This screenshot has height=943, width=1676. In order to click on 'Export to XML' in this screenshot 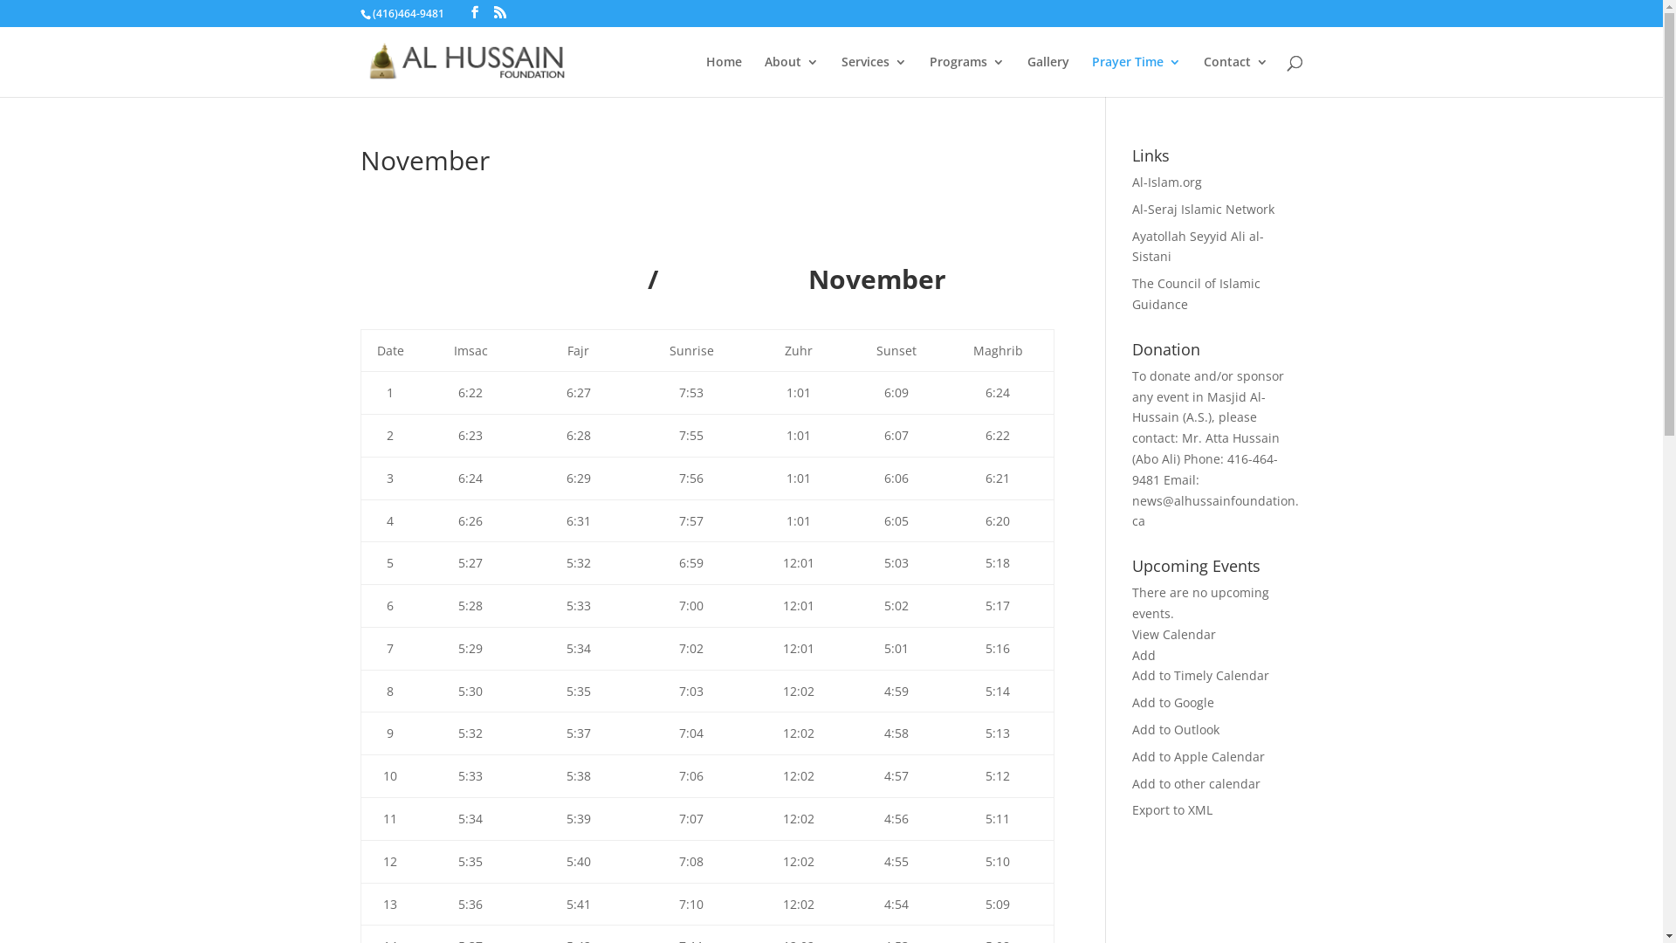, I will do `click(1172, 809)`.